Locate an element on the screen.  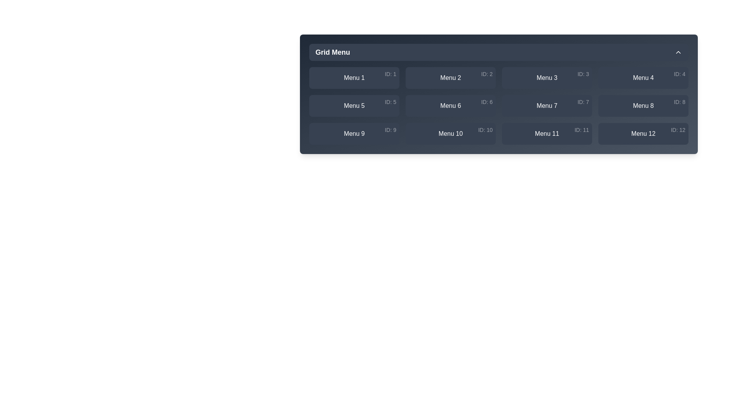
the 'Grid Menu' button to toggle the menu open or closed is located at coordinates (498, 52).